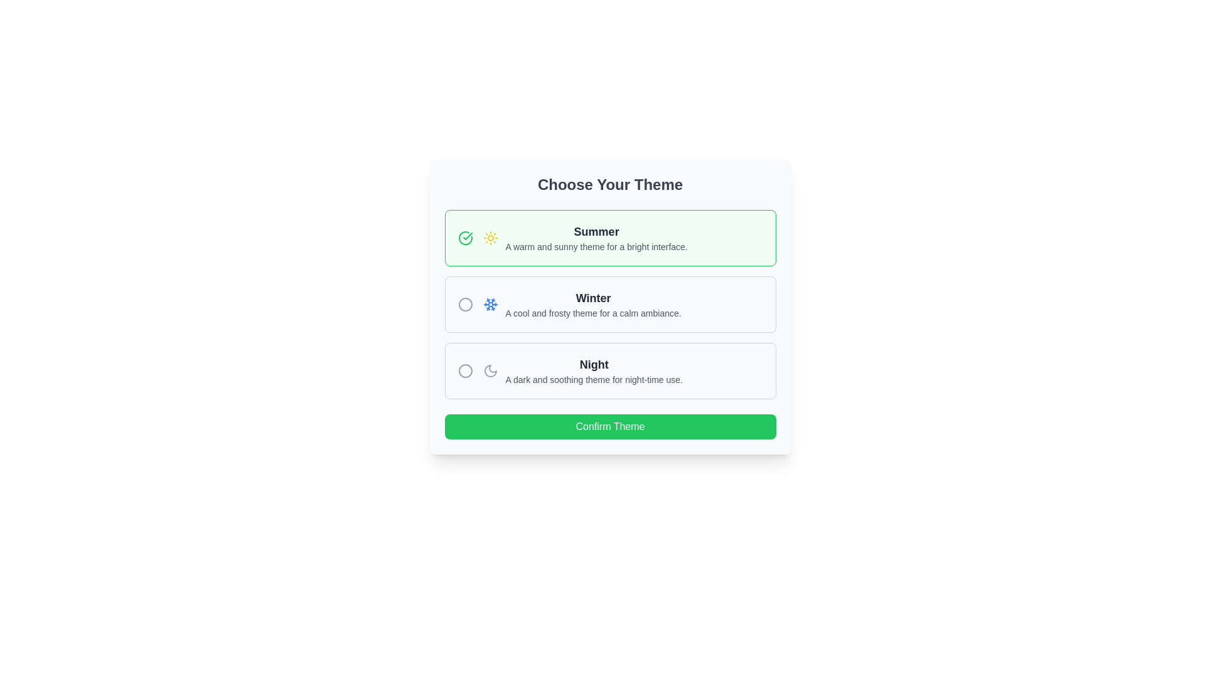 The height and width of the screenshot is (677, 1205). Describe the element at coordinates (592, 313) in the screenshot. I see `text description 'A cool and frosty theme for a calm ambiance.' located below the 'Winter' title in the theme selection box` at that location.